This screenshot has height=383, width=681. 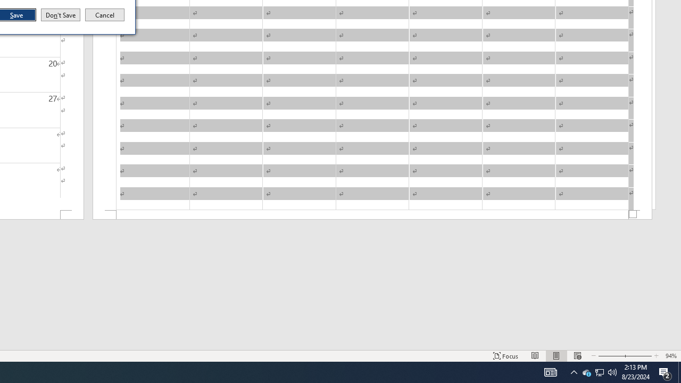 What do you see at coordinates (550, 371) in the screenshot?
I see `'AutomationID: 4105'` at bounding box center [550, 371].